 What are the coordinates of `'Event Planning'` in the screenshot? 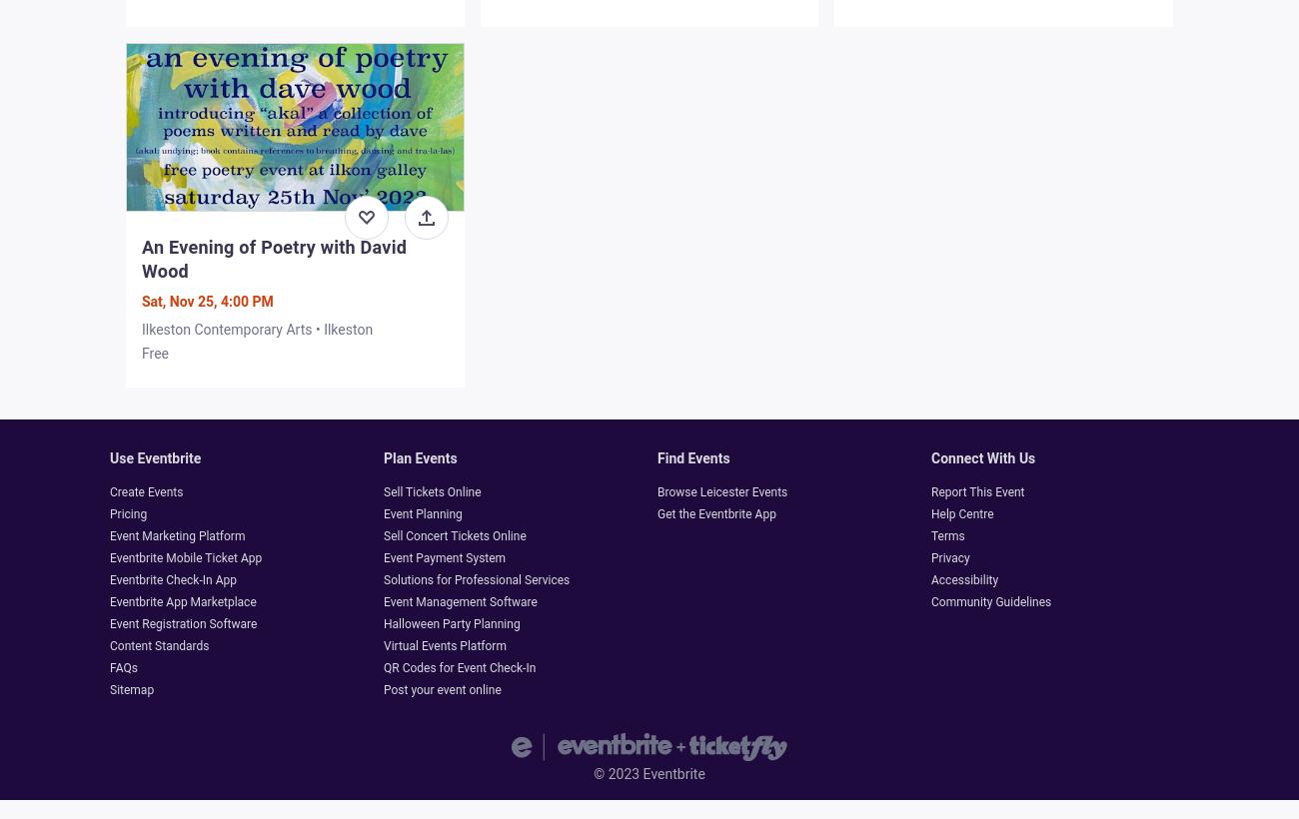 It's located at (423, 512).